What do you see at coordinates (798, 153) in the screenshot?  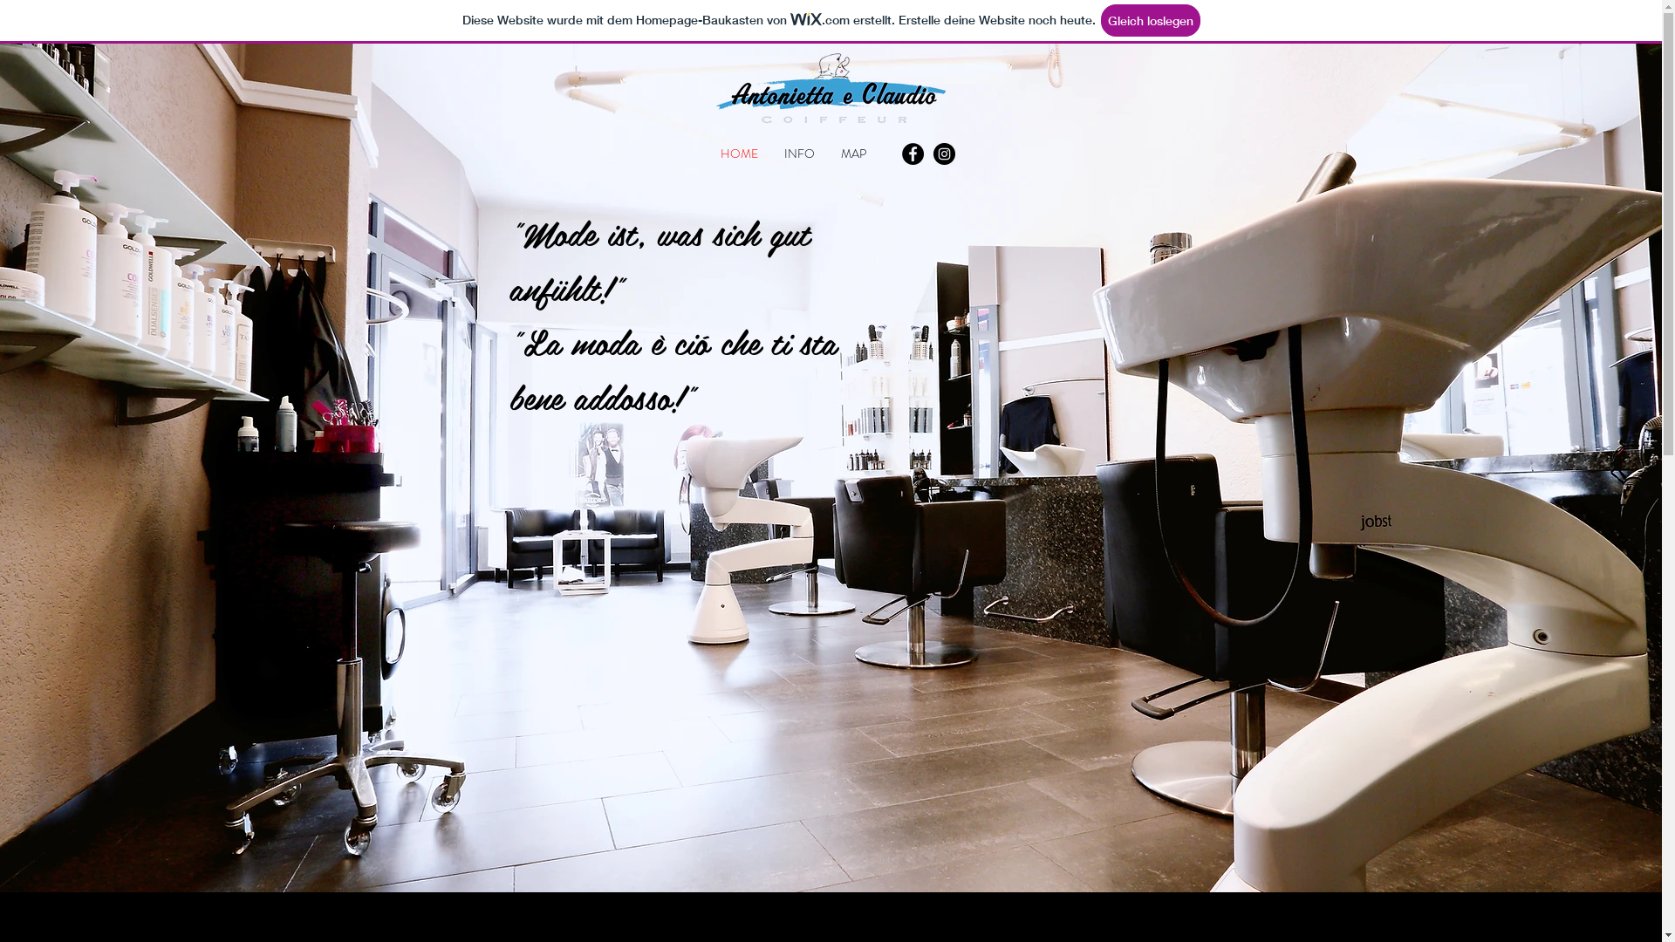 I see `'INFO'` at bounding box center [798, 153].